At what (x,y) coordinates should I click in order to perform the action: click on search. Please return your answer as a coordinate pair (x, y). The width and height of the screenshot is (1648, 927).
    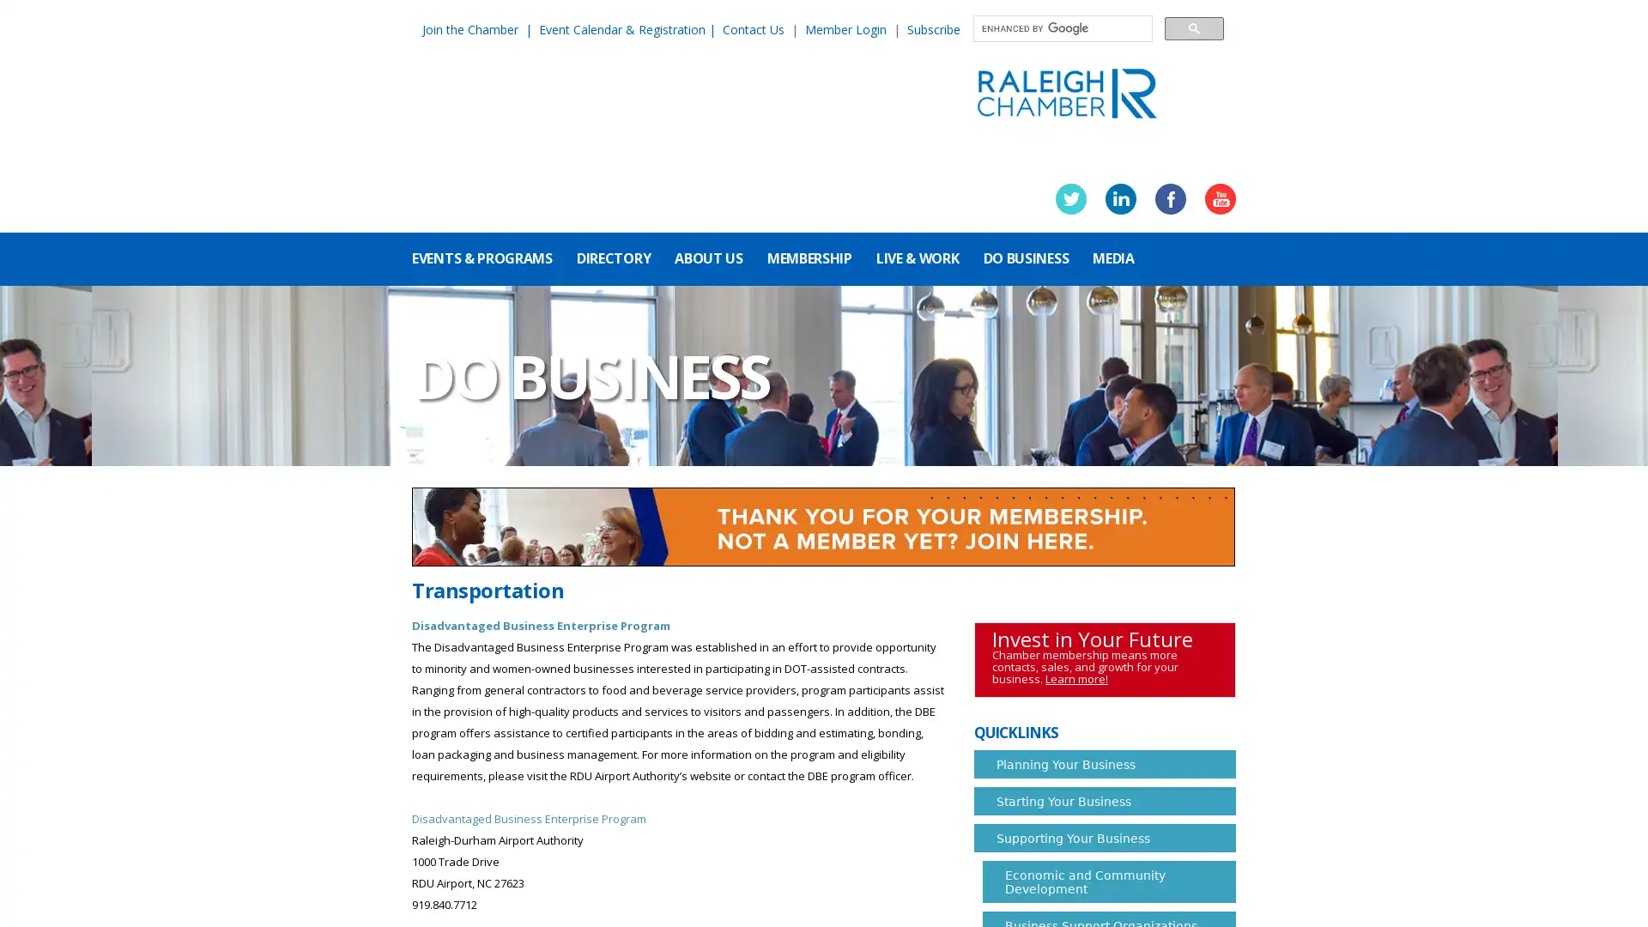
    Looking at the image, I should click on (1193, 27).